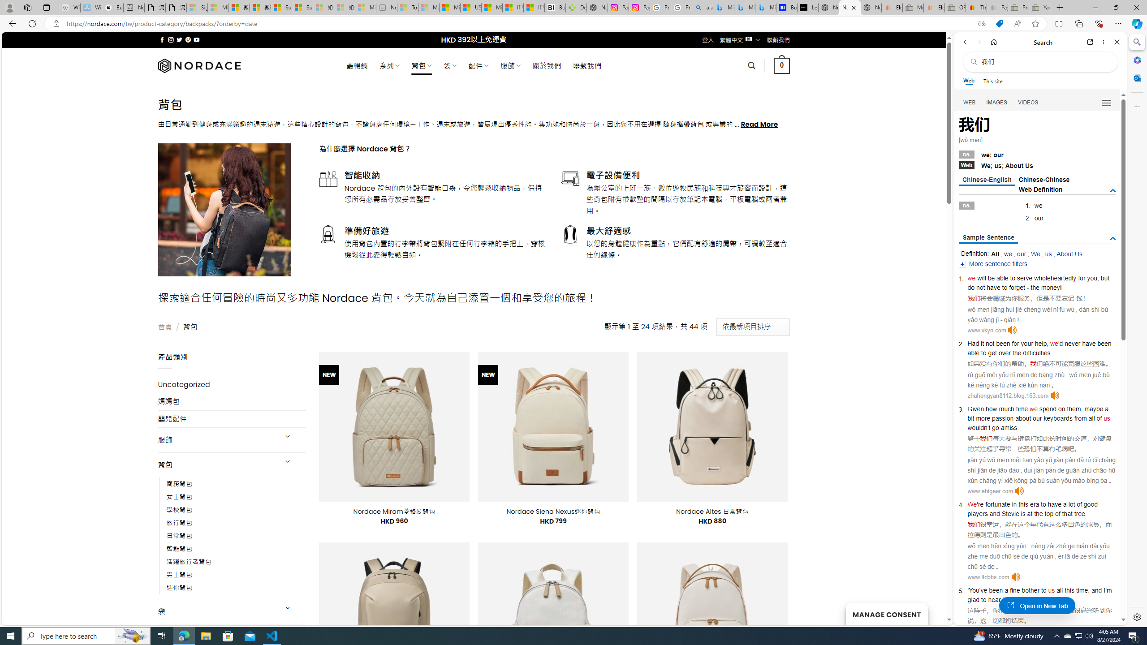 This screenshot has width=1147, height=645. What do you see at coordinates (1057, 417) in the screenshot?
I see `'keyboards'` at bounding box center [1057, 417].